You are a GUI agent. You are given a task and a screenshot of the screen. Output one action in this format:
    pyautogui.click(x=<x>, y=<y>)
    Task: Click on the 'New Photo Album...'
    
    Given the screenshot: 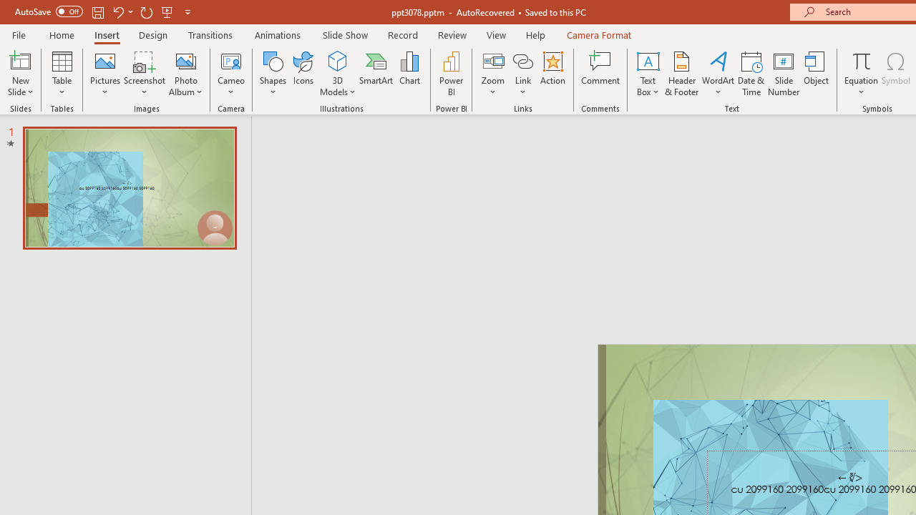 What is the action you would take?
    pyautogui.click(x=185, y=60)
    